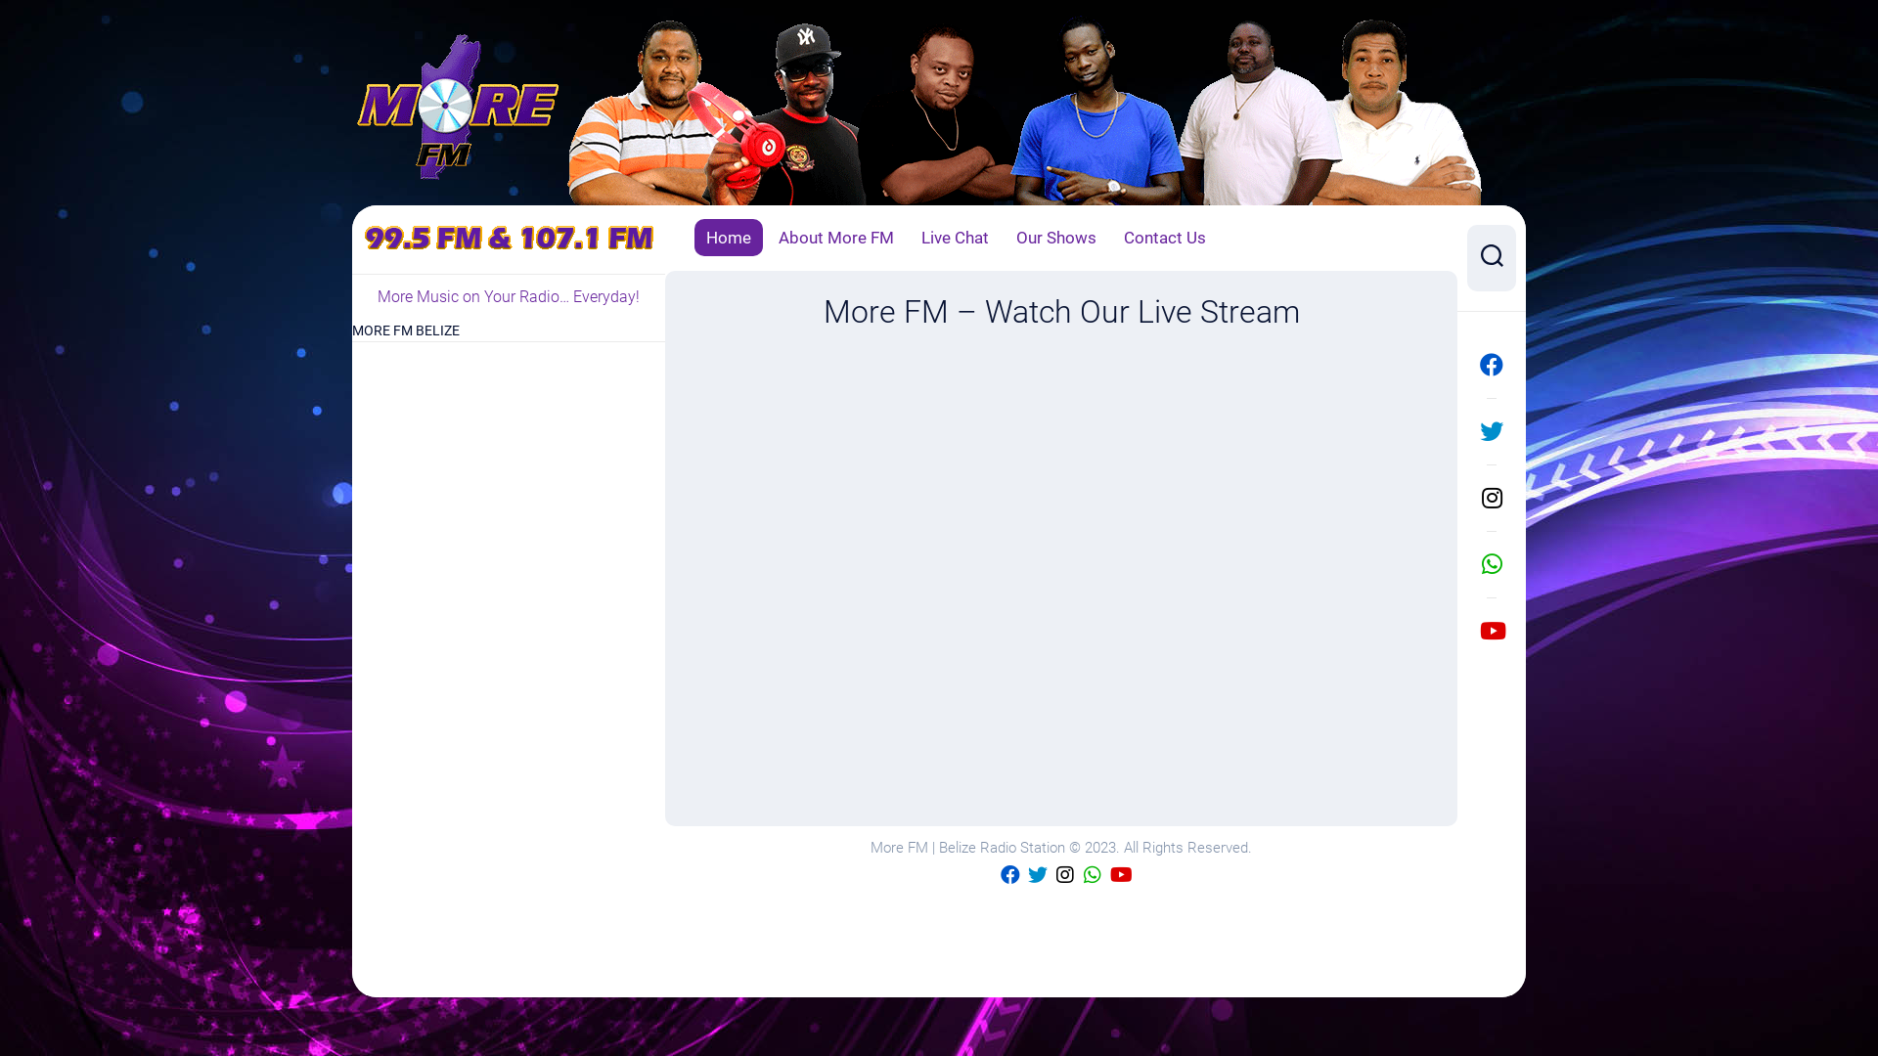 The width and height of the screenshot is (1878, 1056). What do you see at coordinates (1009, 873) in the screenshot?
I see `'Facebook'` at bounding box center [1009, 873].